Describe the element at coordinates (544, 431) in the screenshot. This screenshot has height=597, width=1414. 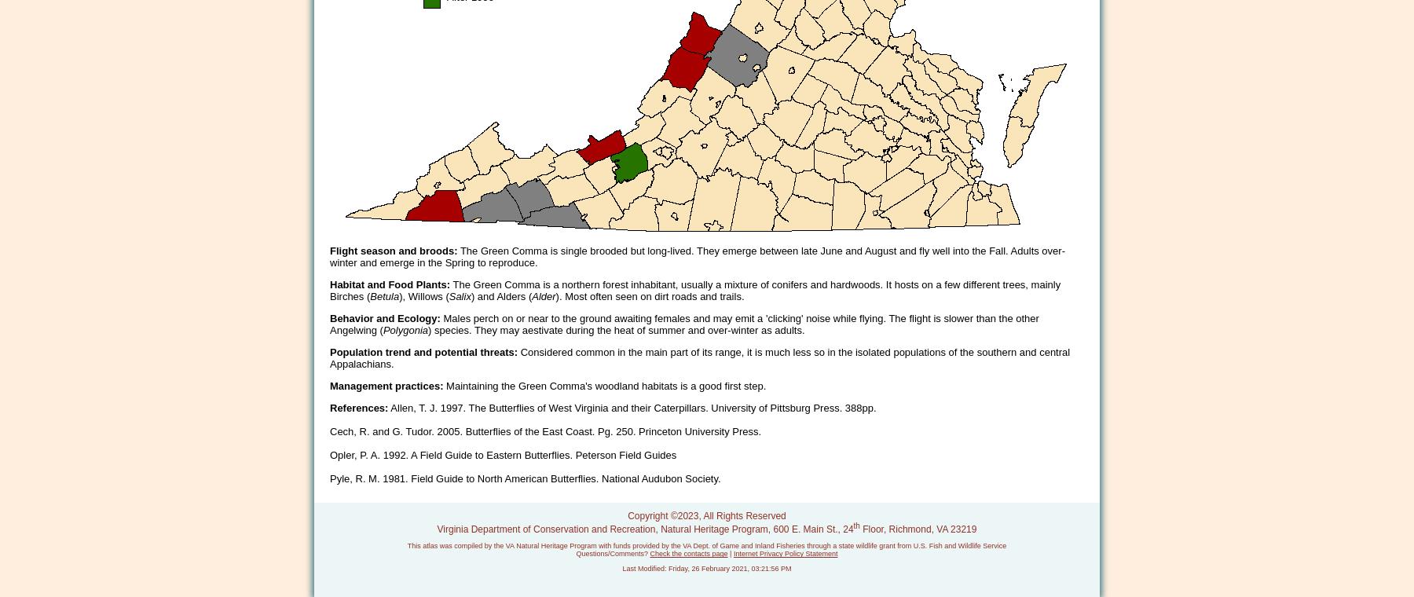
I see `'Cech, R. and G. Tudor. 2005. Butterflies of the East Coast. Pg. 250. Princeton University Press.'` at that location.